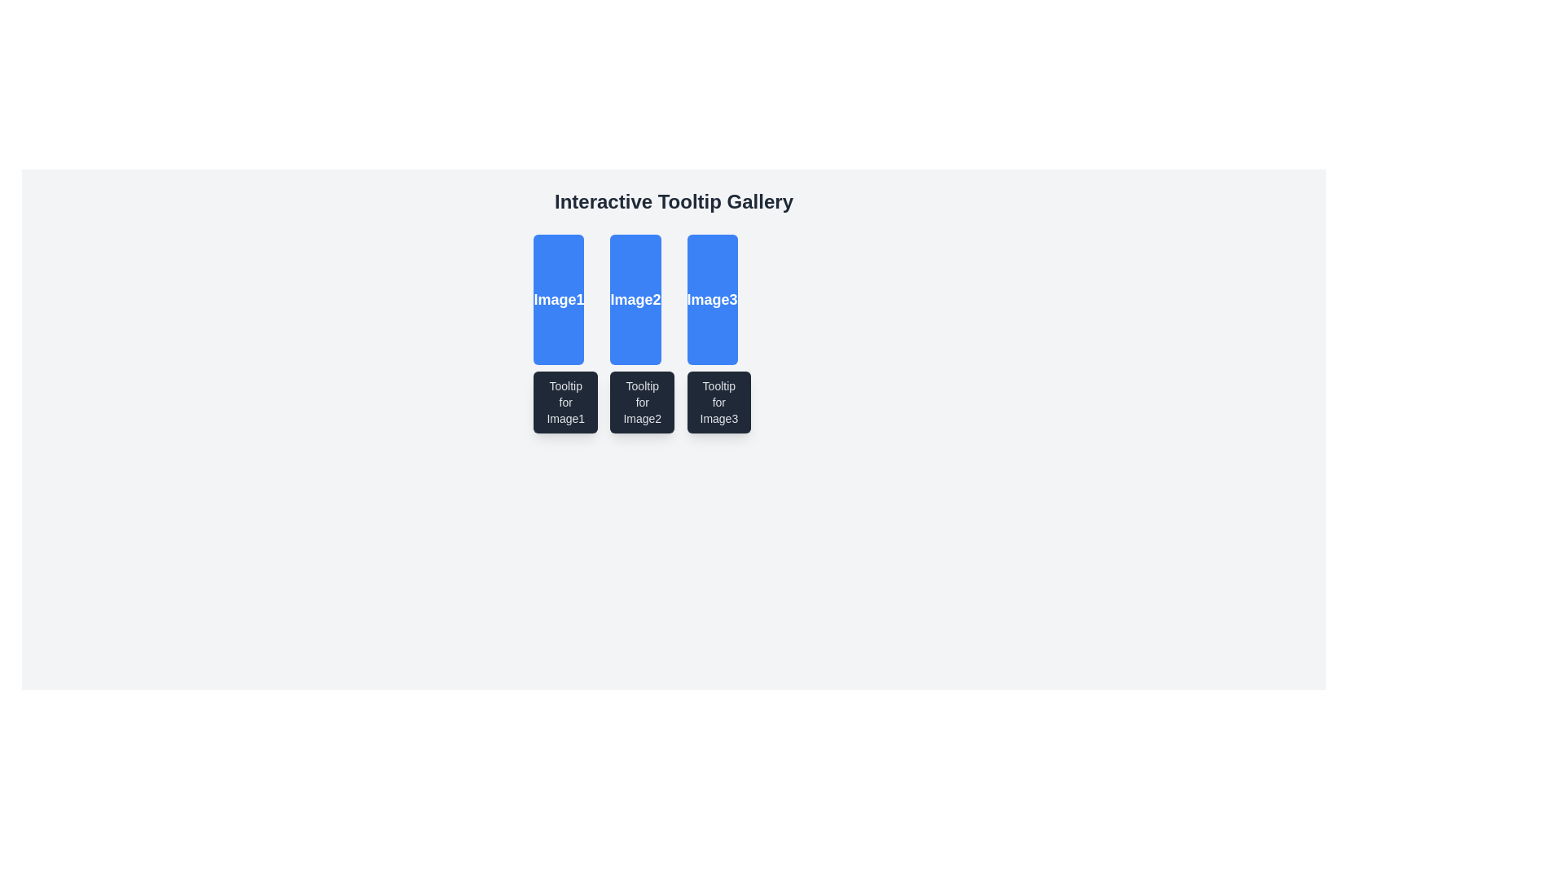 Image resolution: width=1564 pixels, height=880 pixels. What do you see at coordinates (641, 402) in the screenshot?
I see `the tooltip displaying 'Tooltip for Image2', which has a dark gray background and light gray text, positioned directly below 'Image2'` at bounding box center [641, 402].